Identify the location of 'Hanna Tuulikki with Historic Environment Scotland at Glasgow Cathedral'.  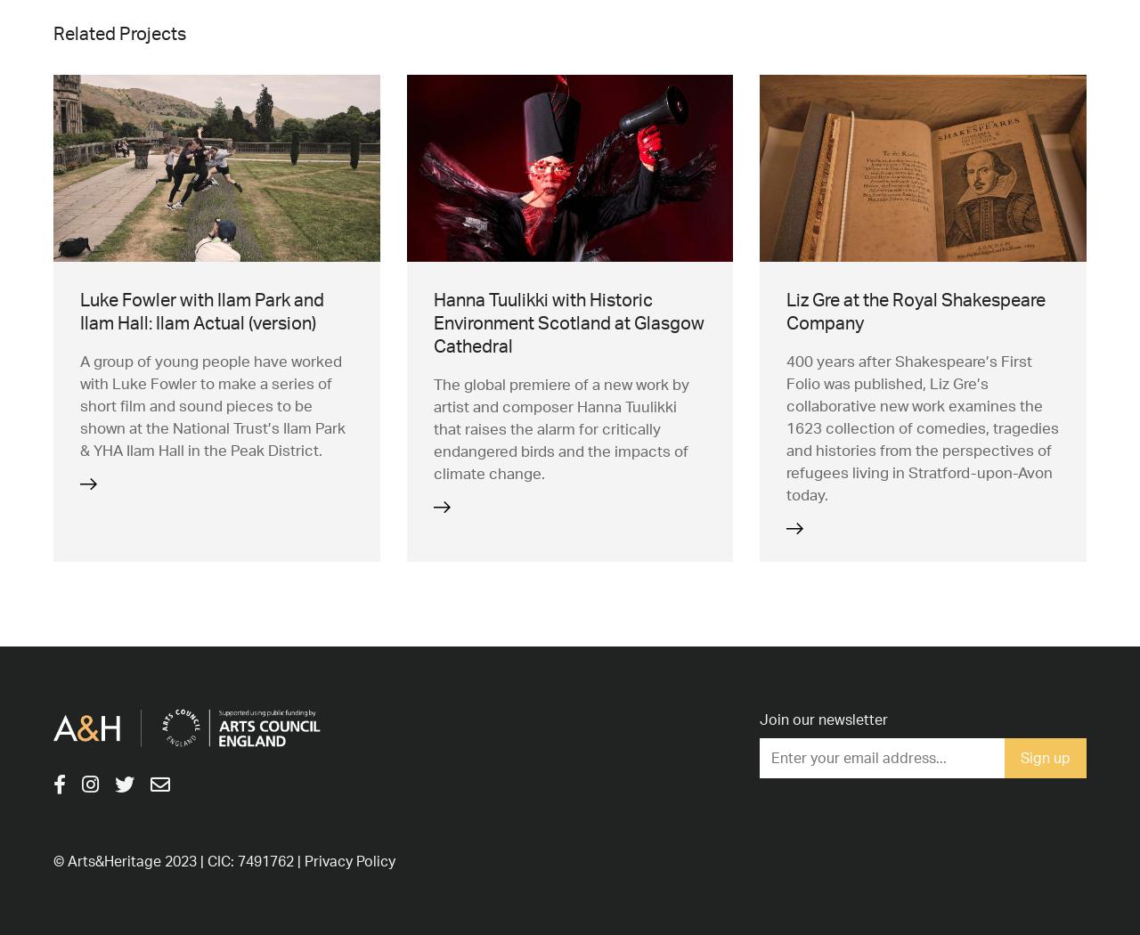
(566, 321).